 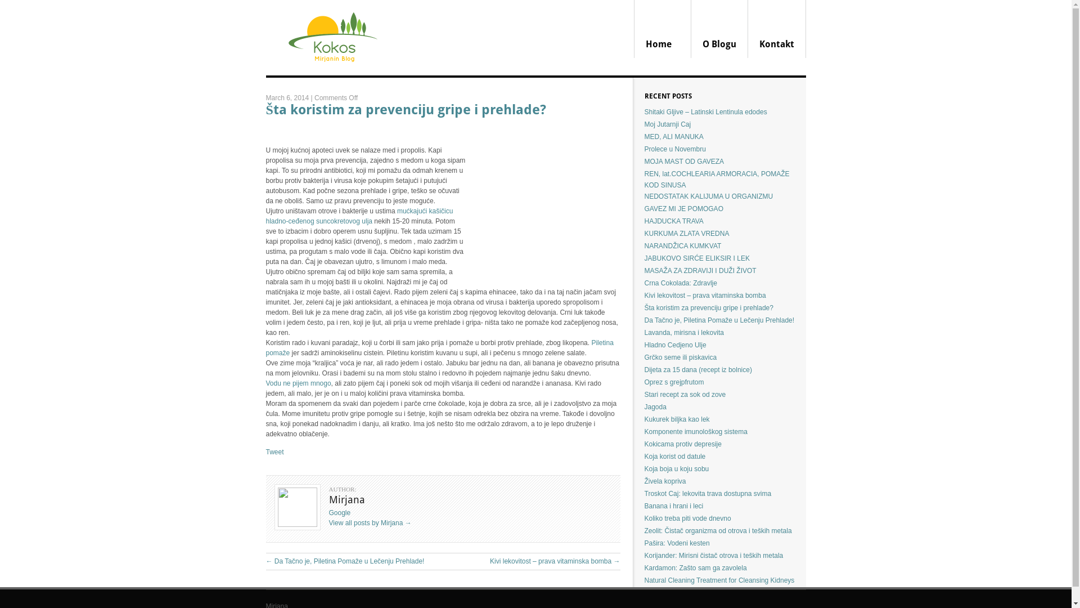 What do you see at coordinates (675, 345) in the screenshot?
I see `'Hladno Cedjeno Ulje'` at bounding box center [675, 345].